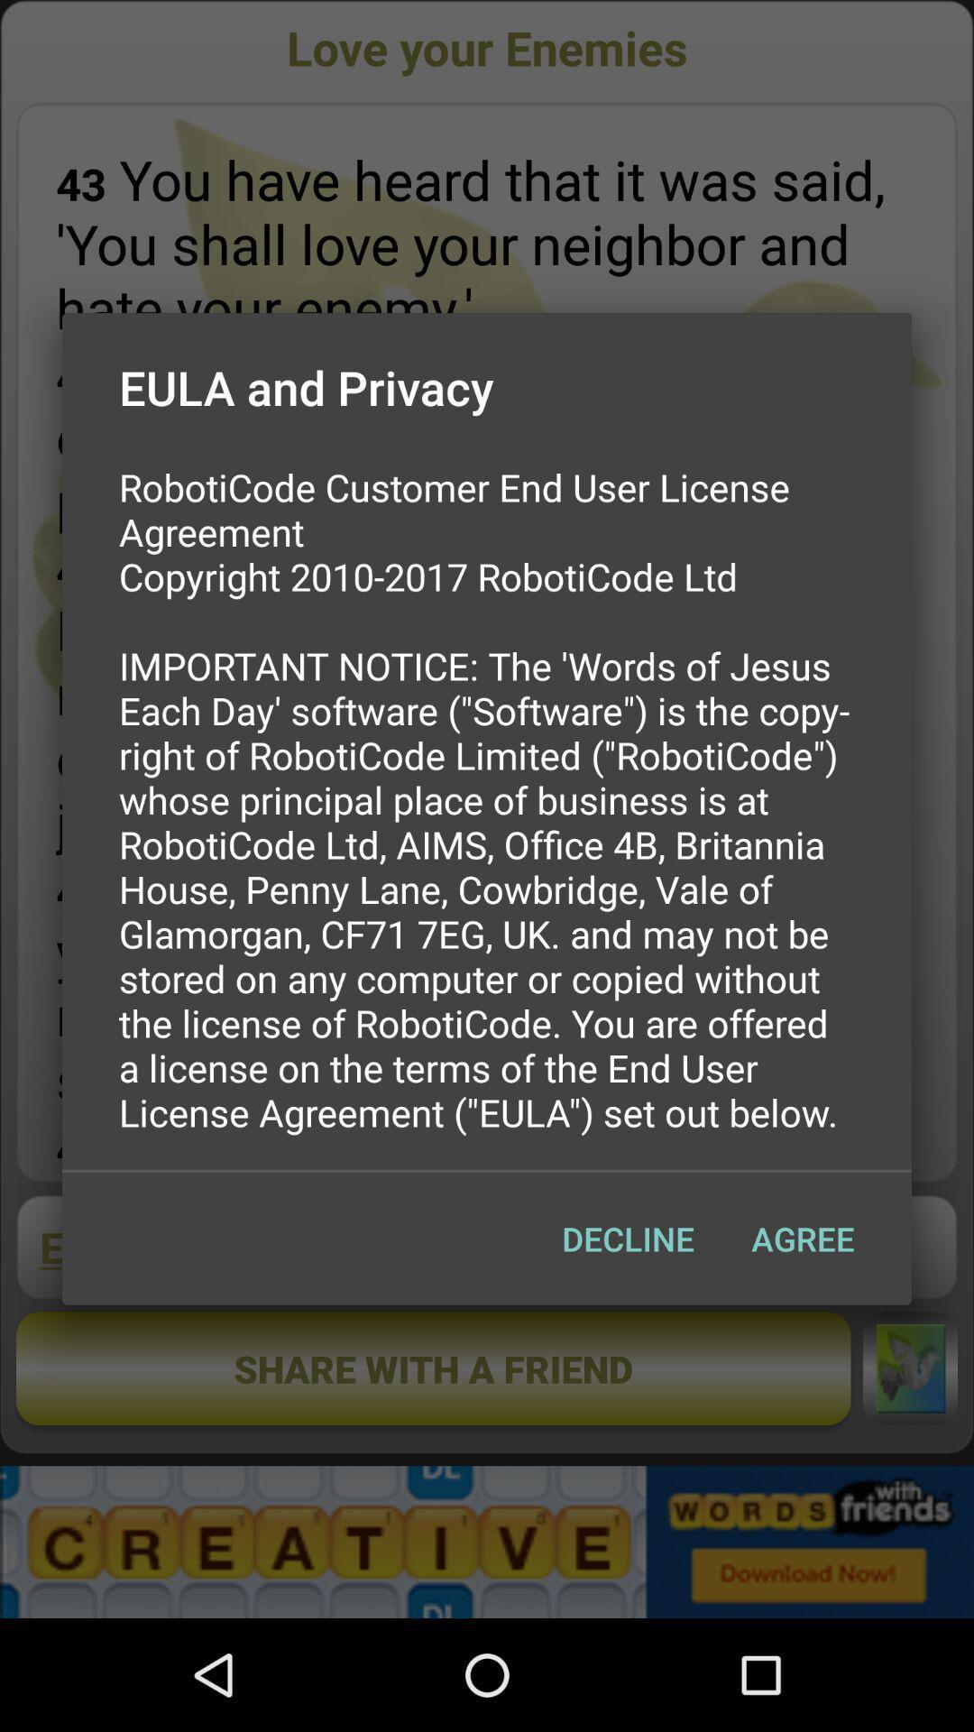 Image resolution: width=974 pixels, height=1732 pixels. Describe the element at coordinates (802, 1238) in the screenshot. I see `agree icon` at that location.